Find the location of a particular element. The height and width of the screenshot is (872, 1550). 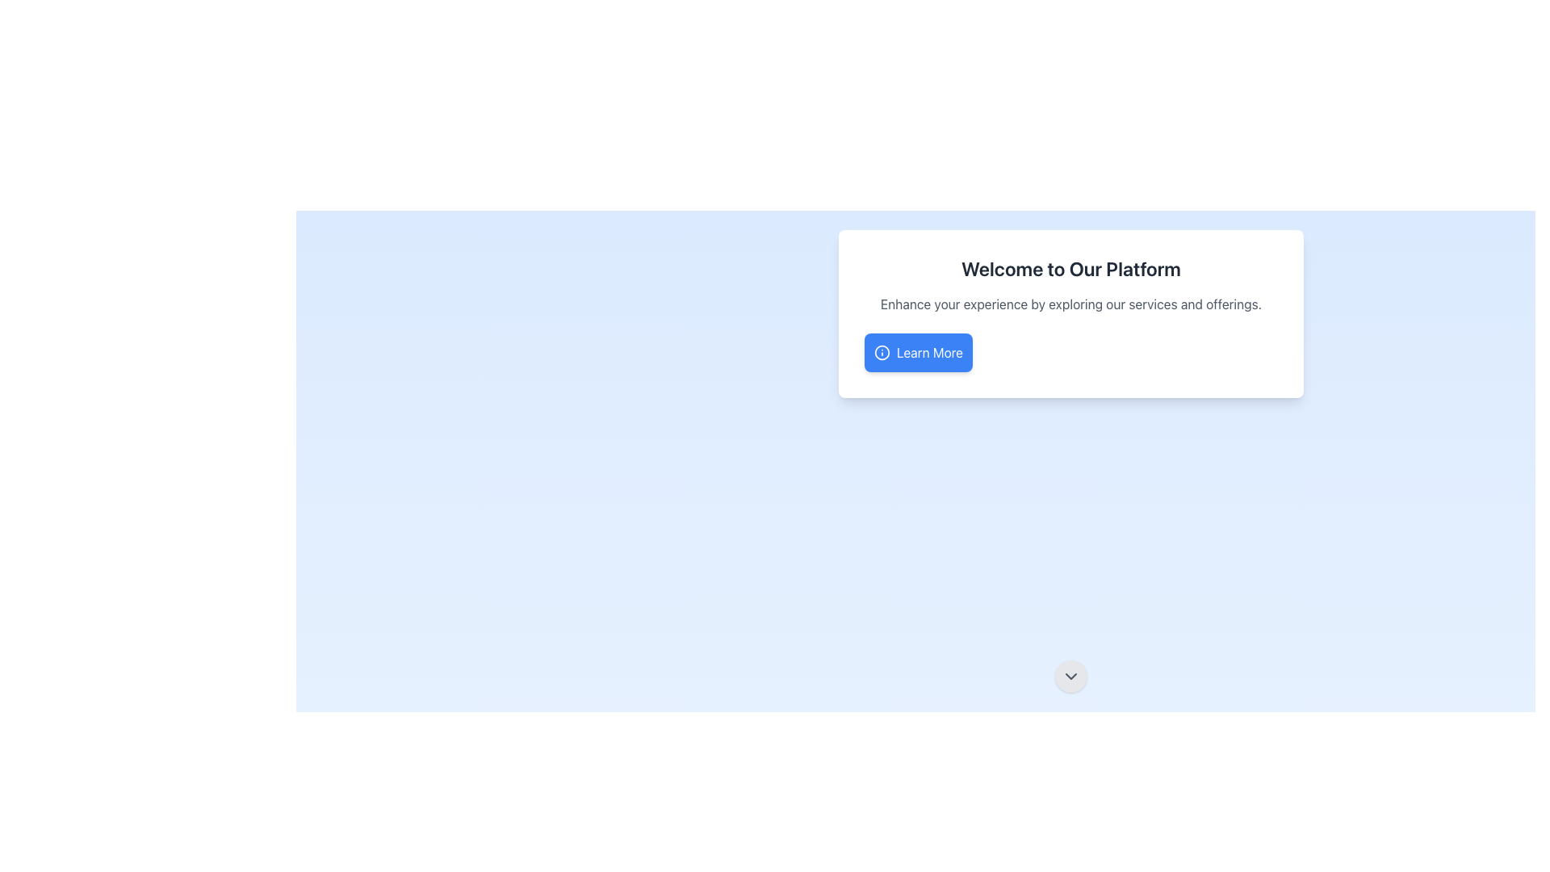

the descriptive text element located below the title 'Welcome to Our Platform' and above the 'Learn More' blue button is located at coordinates (1070, 304).